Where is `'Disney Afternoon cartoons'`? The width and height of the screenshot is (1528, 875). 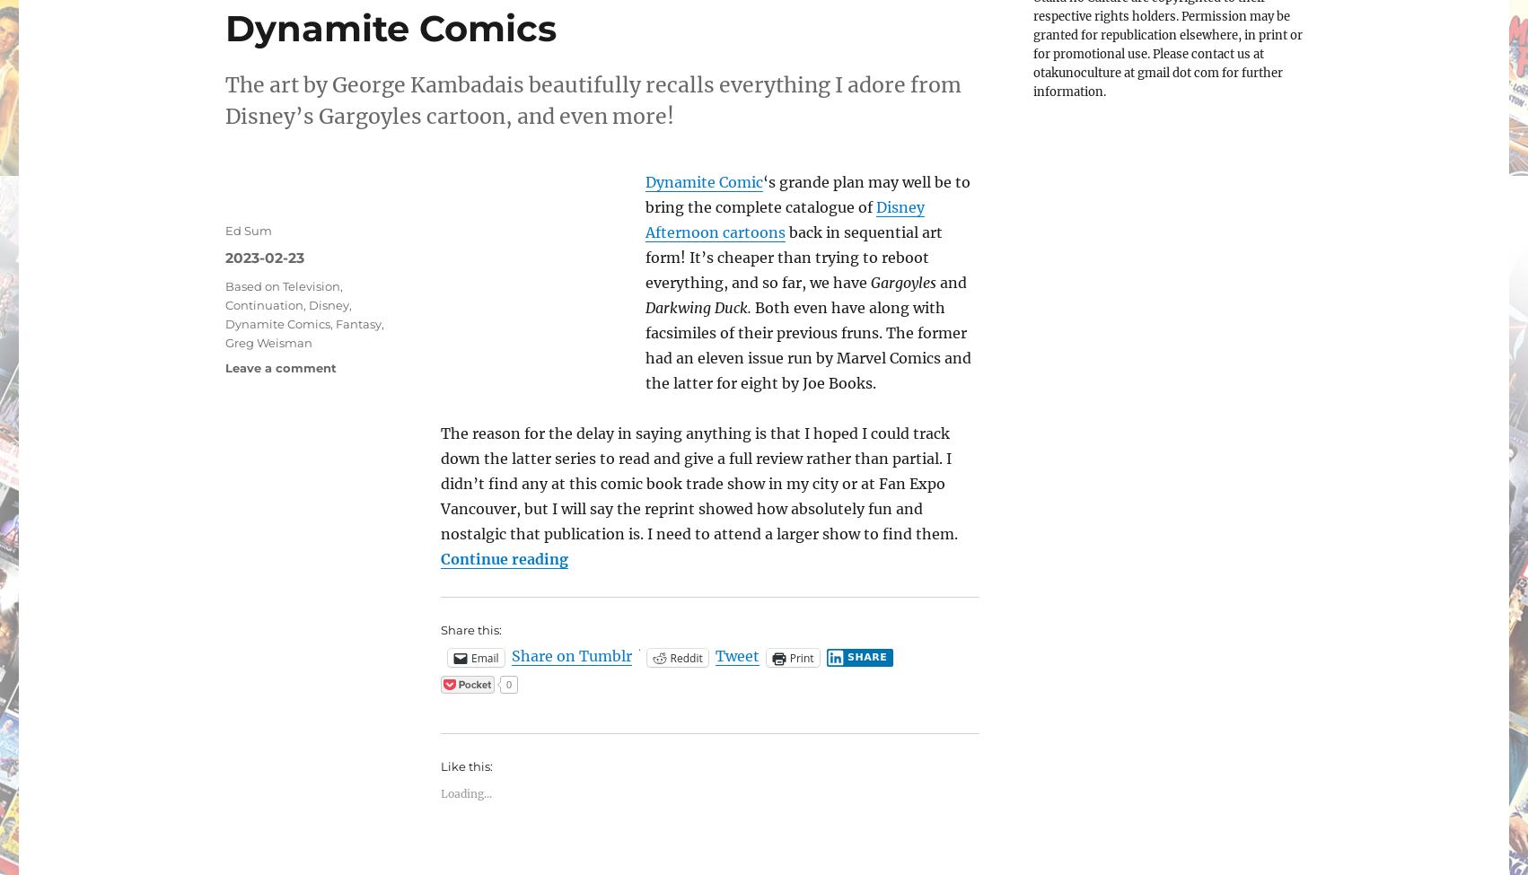 'Disney Afternoon cartoons' is located at coordinates (785, 220).